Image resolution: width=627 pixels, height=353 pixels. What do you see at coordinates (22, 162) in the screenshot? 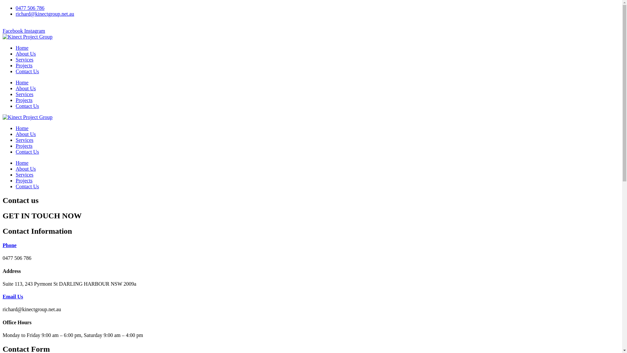
I see `'Home'` at bounding box center [22, 162].